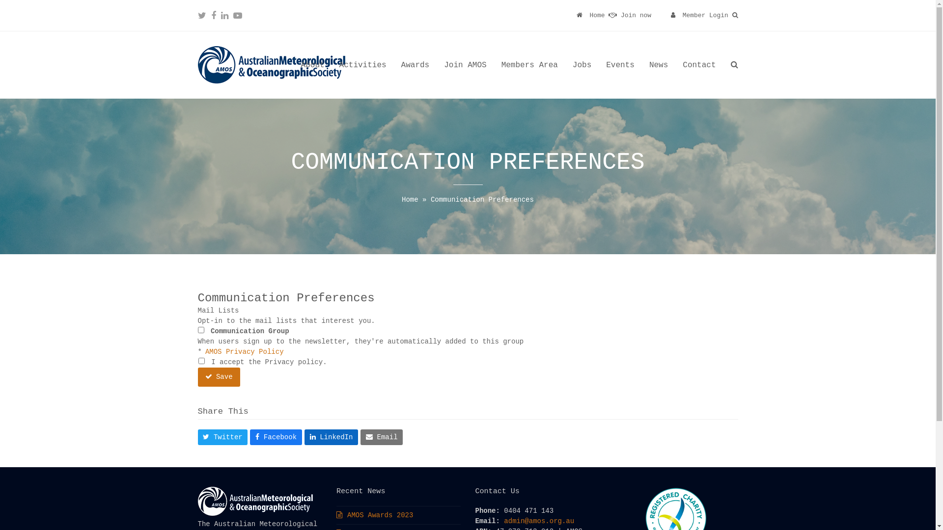  Describe the element at coordinates (464, 65) in the screenshot. I see `'Join AMOS'` at that location.